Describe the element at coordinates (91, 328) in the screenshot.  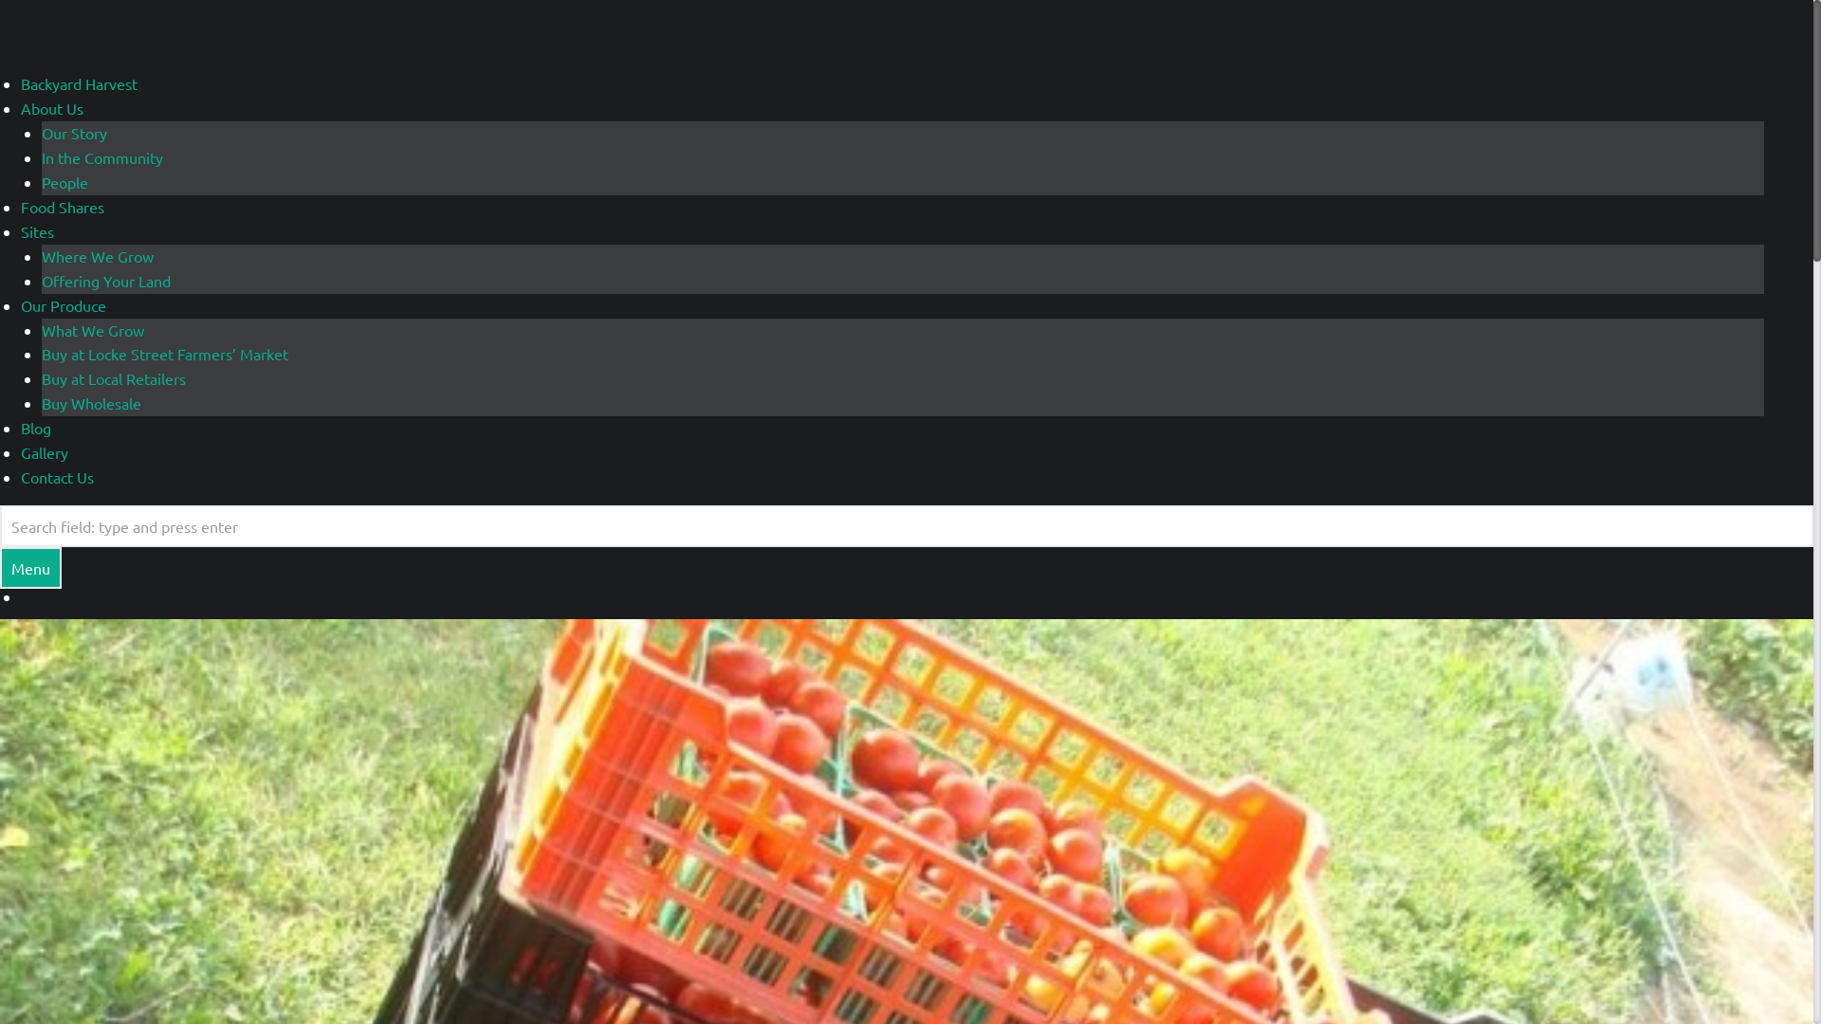
I see `'What We Grow'` at that location.